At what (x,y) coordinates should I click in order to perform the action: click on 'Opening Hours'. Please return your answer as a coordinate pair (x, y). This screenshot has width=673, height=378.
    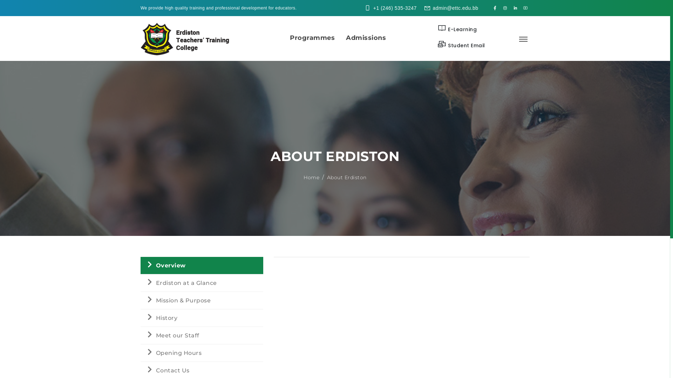
    Looking at the image, I should click on (202, 353).